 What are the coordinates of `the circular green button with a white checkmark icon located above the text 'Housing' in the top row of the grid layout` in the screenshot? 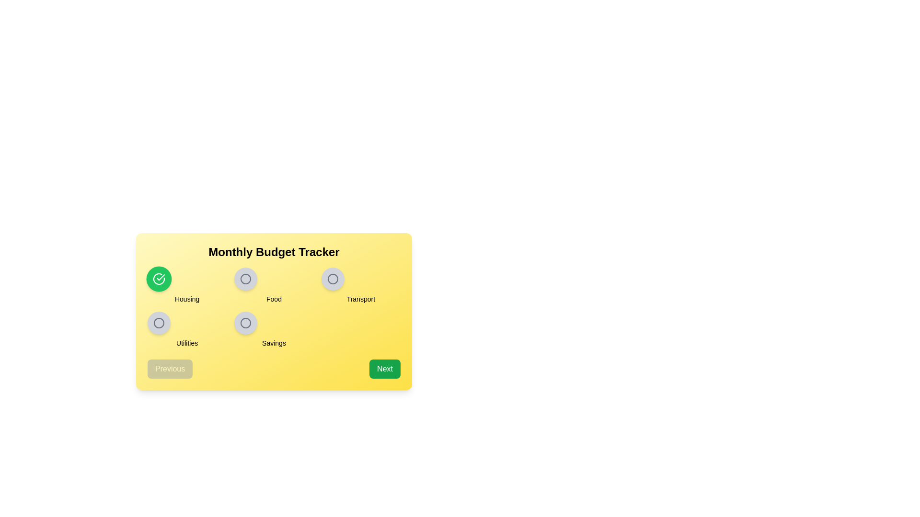 It's located at (159, 279).